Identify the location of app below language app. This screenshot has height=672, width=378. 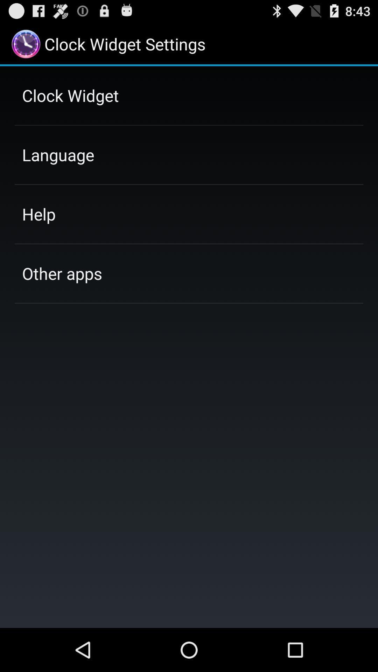
(39, 213).